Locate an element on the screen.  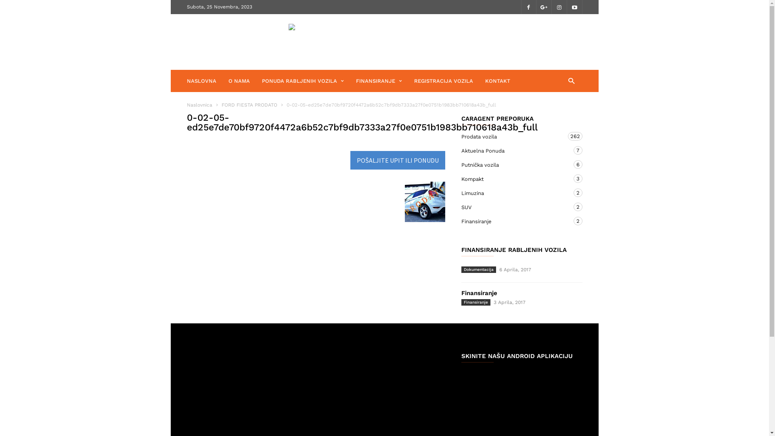
'O NAMA' is located at coordinates (245, 81).